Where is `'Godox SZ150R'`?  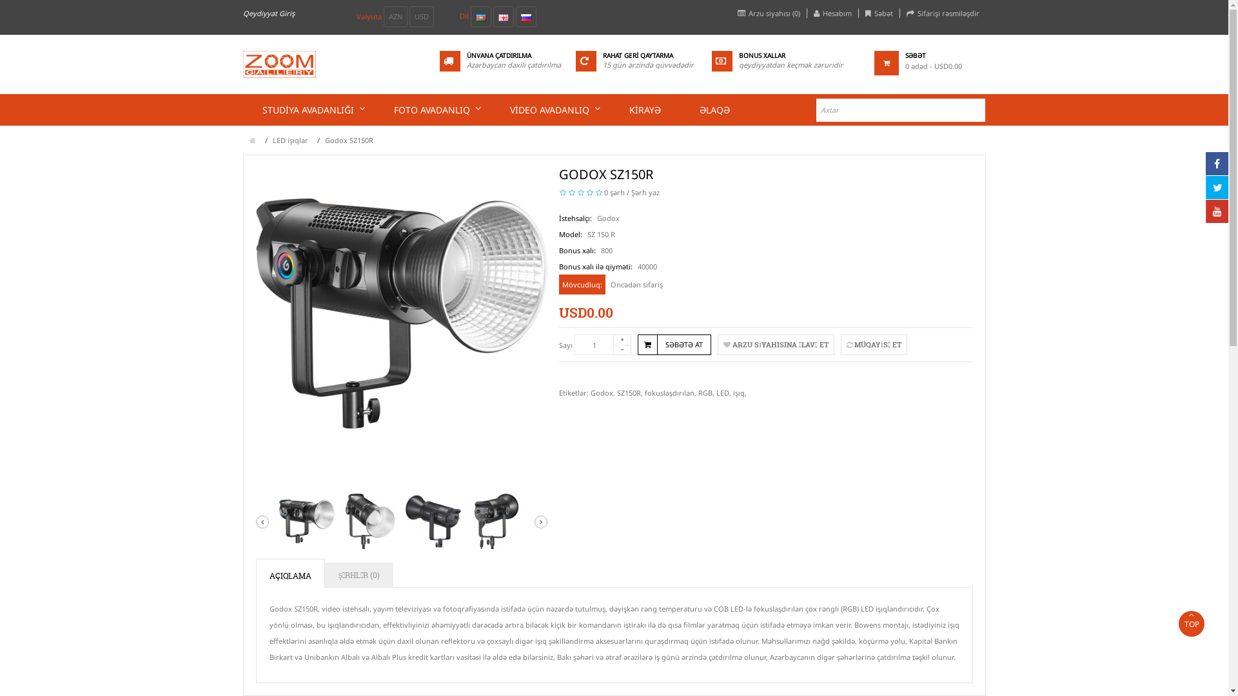 'Godox SZ150R' is located at coordinates (306, 521).